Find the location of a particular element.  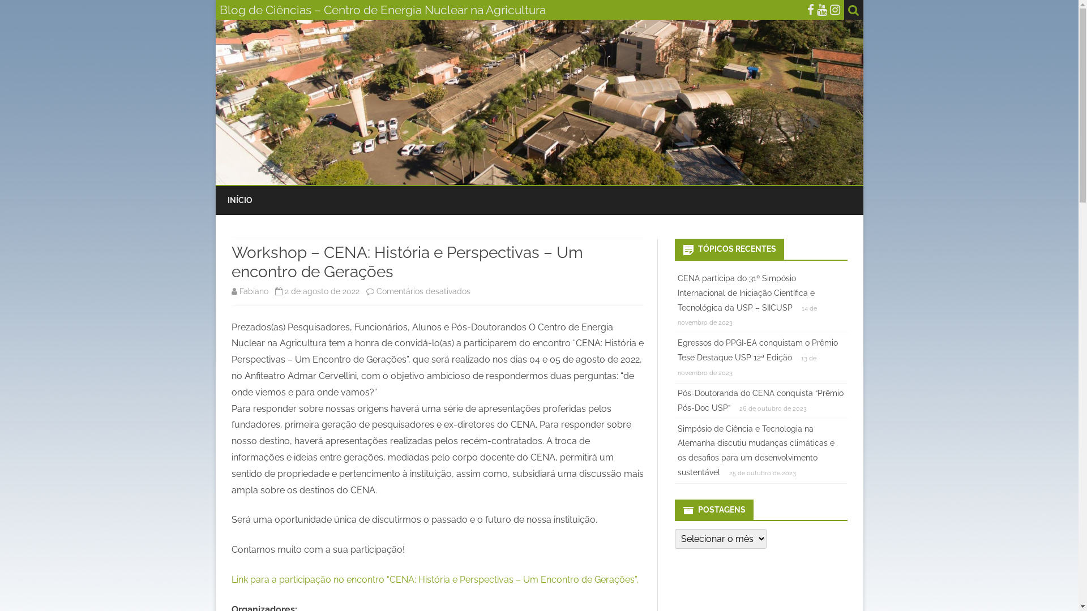

'YouTube' is located at coordinates (821, 10).